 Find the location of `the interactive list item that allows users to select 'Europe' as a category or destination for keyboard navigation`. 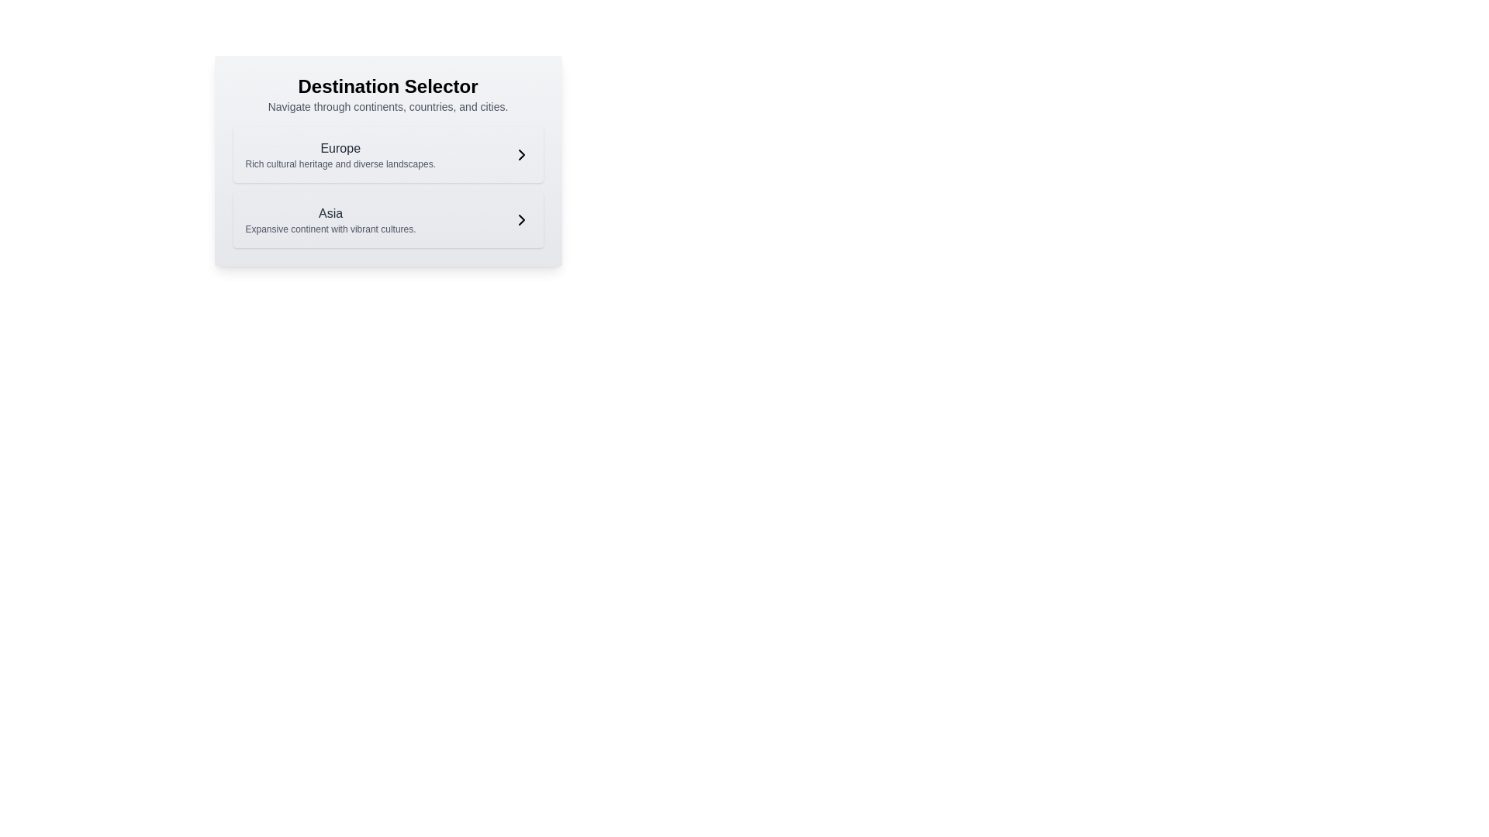

the interactive list item that allows users to select 'Europe' as a category or destination for keyboard navigation is located at coordinates (388, 155).